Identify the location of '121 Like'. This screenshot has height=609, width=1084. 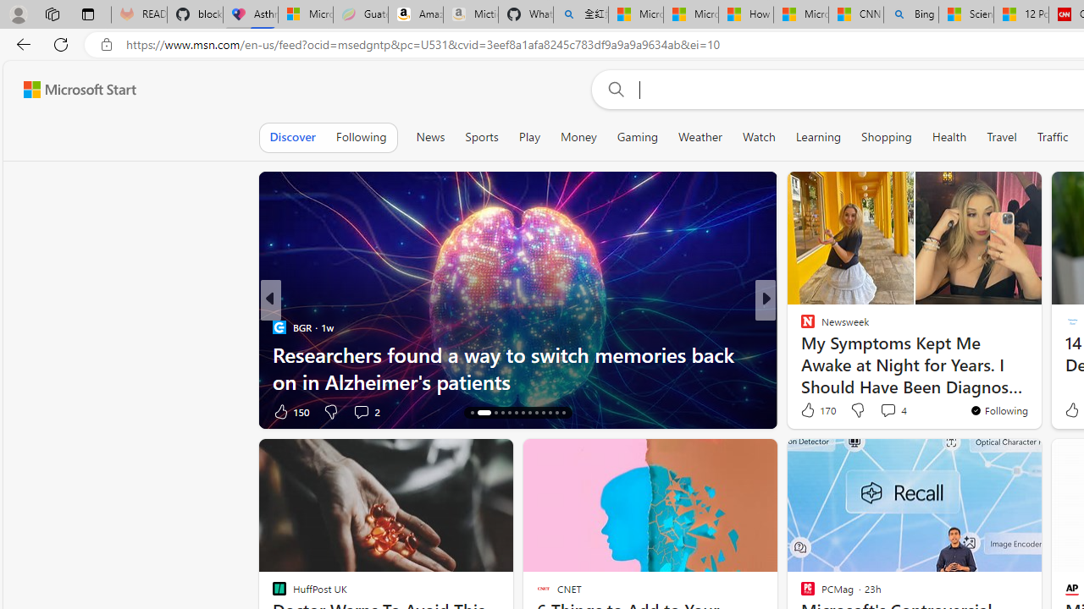
(811, 411).